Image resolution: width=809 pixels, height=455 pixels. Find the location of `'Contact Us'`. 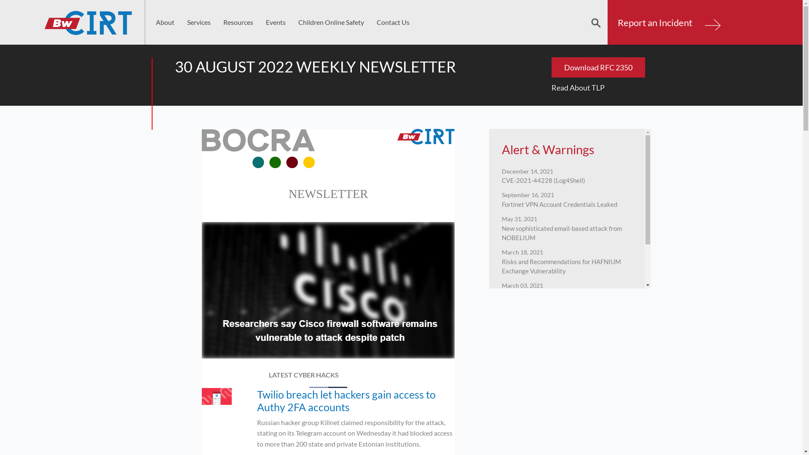

'Contact Us' is located at coordinates (392, 22).